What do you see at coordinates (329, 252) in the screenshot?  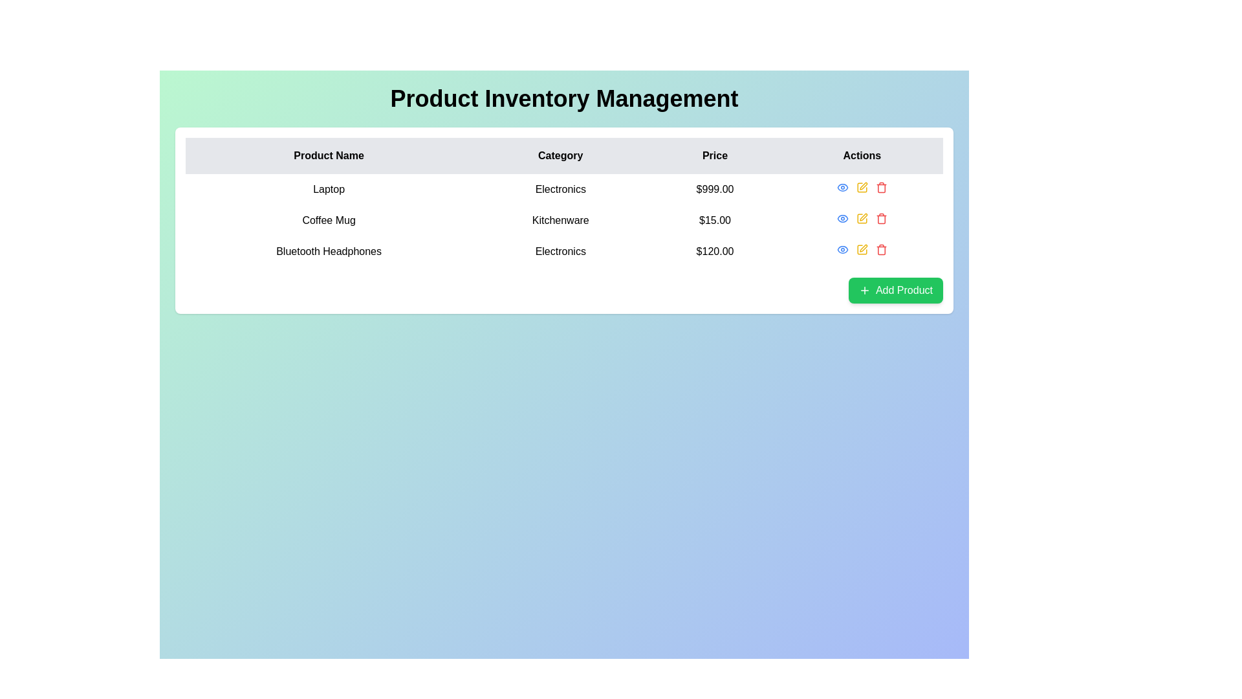 I see `the Text label displaying the product name located in the third row of the table under the 'Product Name' column` at bounding box center [329, 252].